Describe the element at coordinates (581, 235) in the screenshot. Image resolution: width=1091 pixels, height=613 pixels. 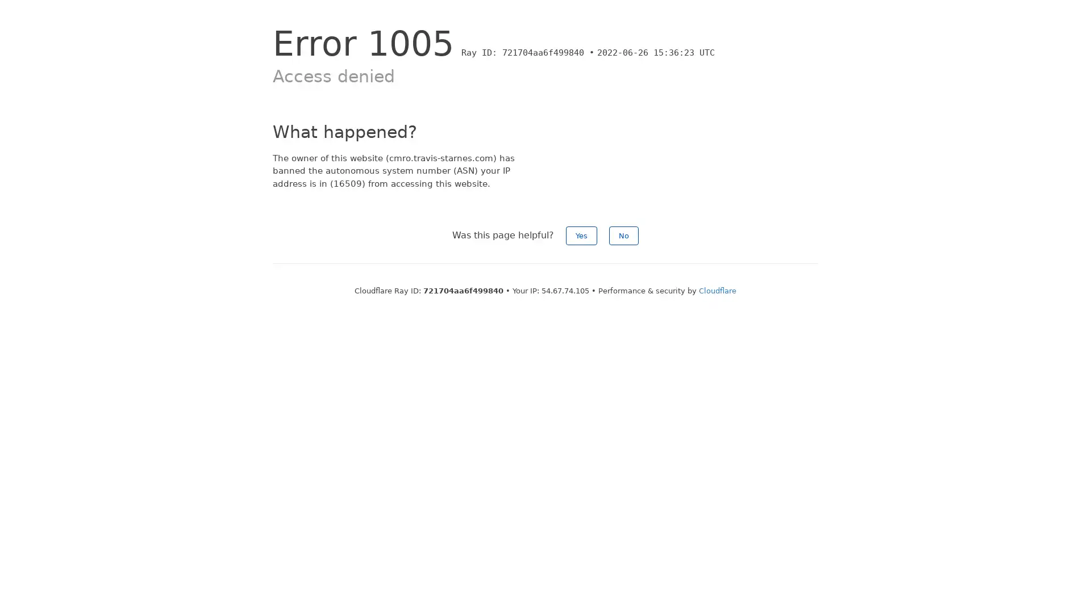
I see `Yes` at that location.